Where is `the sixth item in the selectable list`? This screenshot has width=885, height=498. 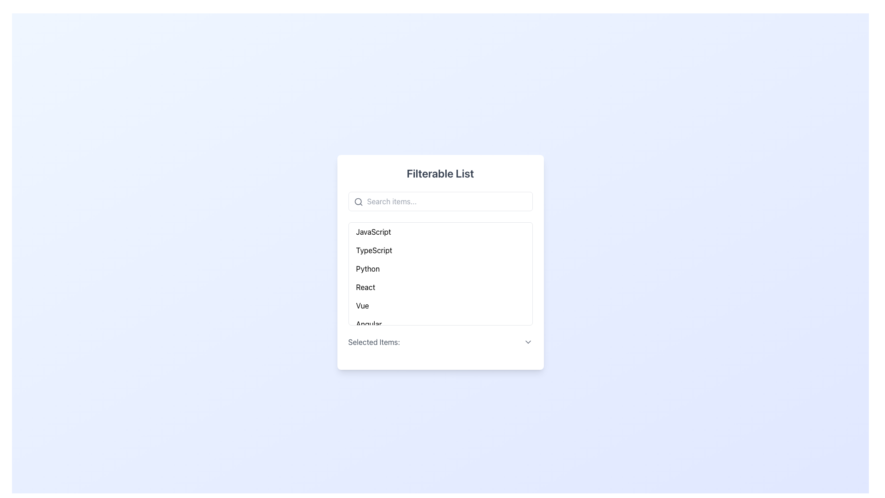
the sixth item in the selectable list is located at coordinates (440, 323).